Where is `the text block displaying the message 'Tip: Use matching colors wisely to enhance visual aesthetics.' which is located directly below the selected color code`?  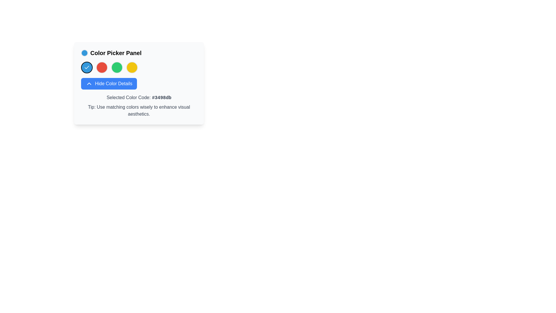 the text block displaying the message 'Tip: Use matching colors wisely to enhance visual aesthetics.' which is located directly below the selected color code is located at coordinates (139, 110).